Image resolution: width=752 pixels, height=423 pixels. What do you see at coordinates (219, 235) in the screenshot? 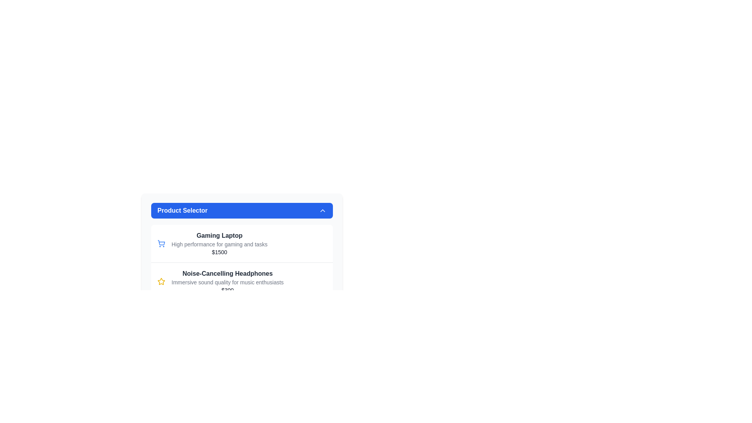
I see `text label that reads 'Gaming Laptop' for identification` at bounding box center [219, 235].